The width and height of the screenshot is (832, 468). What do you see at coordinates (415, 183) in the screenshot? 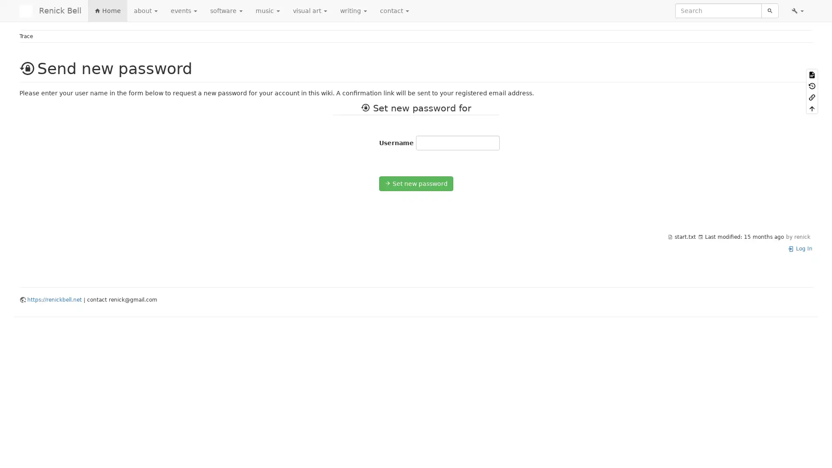
I see `Set new password` at bounding box center [415, 183].